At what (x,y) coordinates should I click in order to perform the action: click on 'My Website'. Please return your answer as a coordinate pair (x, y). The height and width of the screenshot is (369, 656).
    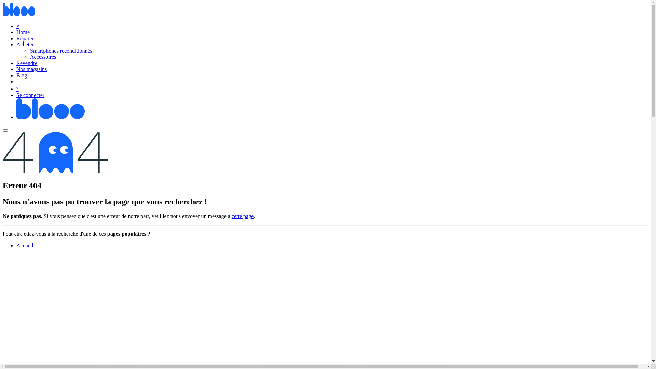
    Looking at the image, I should click on (50, 117).